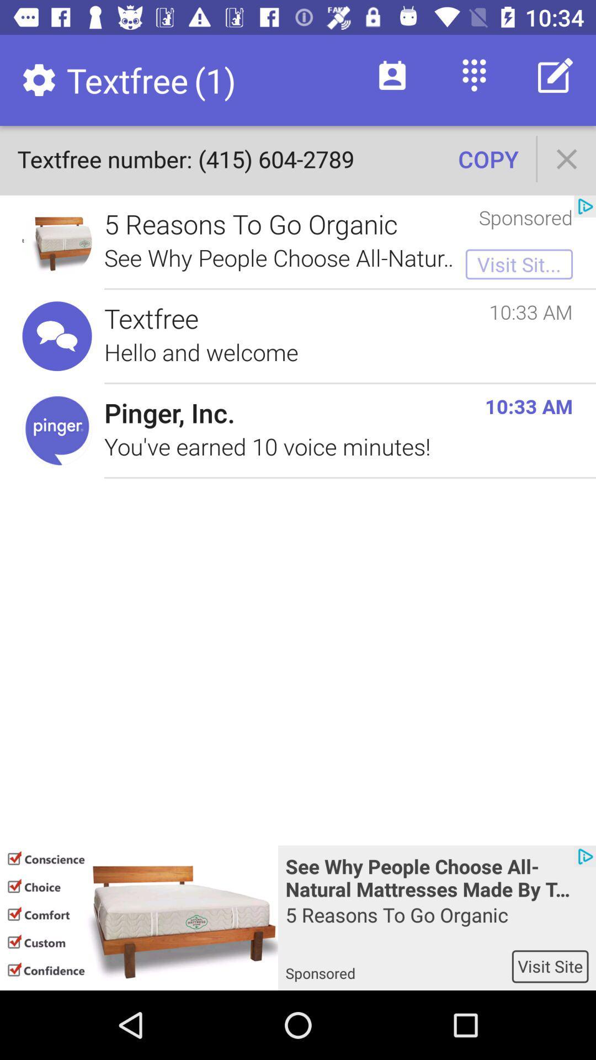  Describe the element at coordinates (487, 158) in the screenshot. I see `the icon to the right of textfree number 415 icon` at that location.